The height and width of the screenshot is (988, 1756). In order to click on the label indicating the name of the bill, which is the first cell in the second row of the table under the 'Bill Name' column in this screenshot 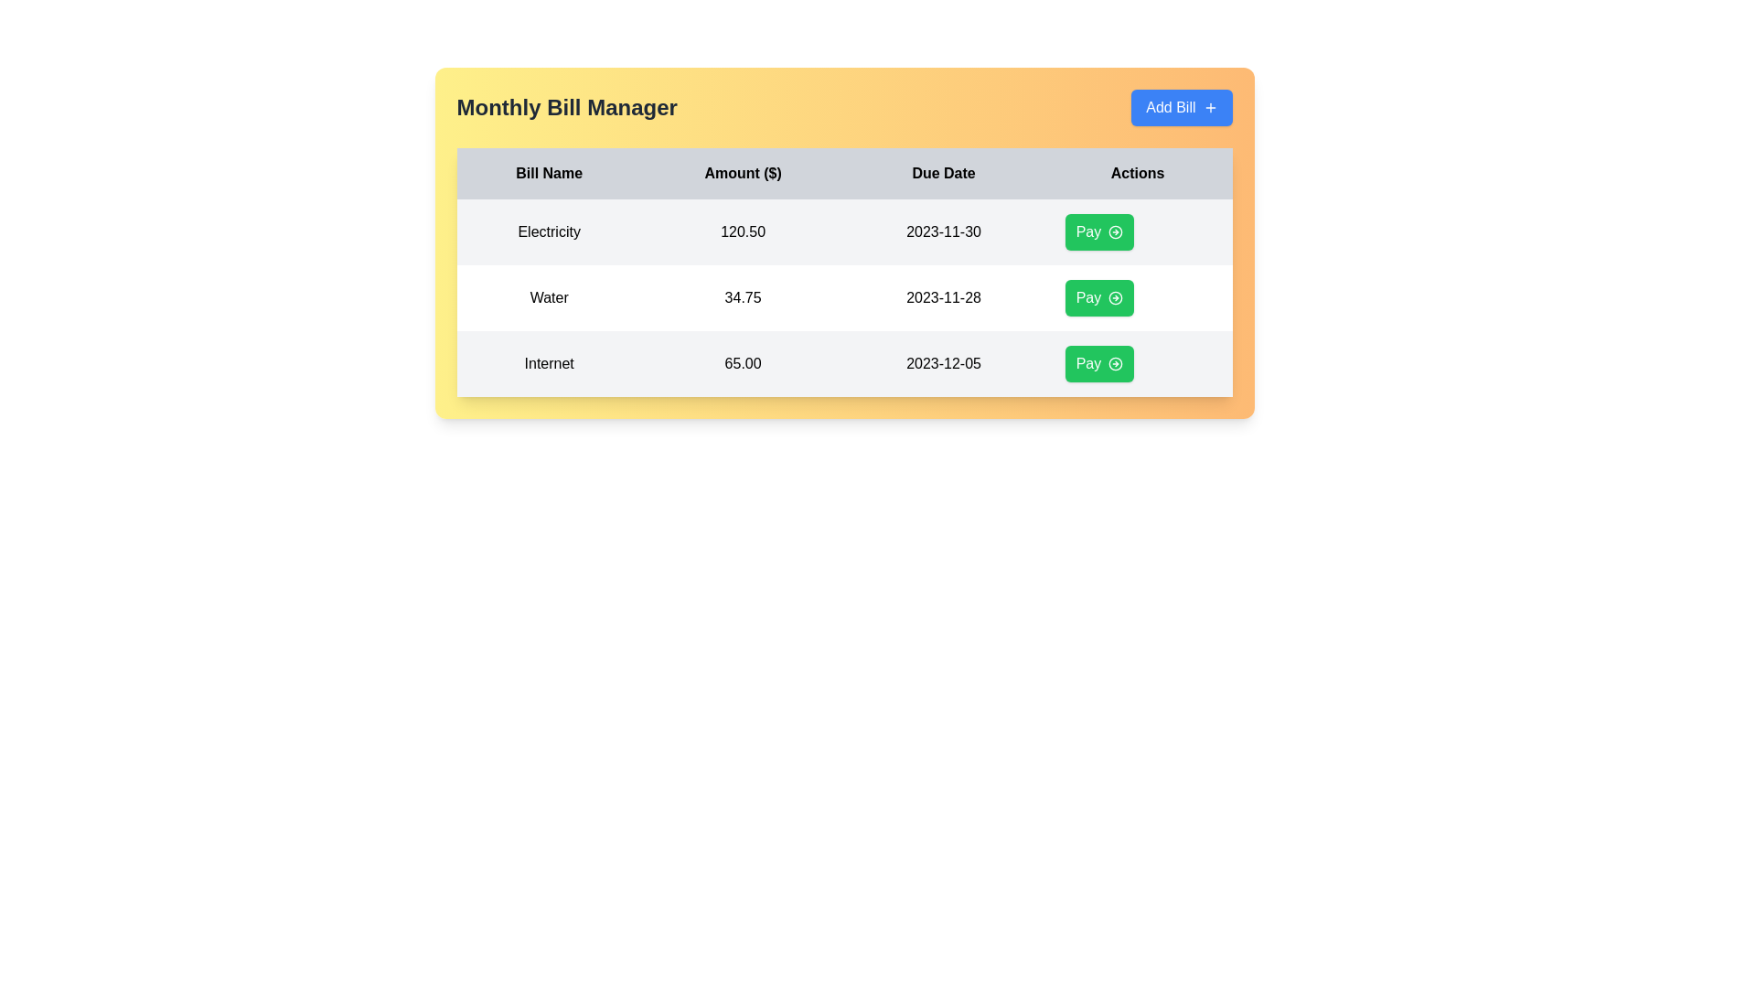, I will do `click(548, 297)`.